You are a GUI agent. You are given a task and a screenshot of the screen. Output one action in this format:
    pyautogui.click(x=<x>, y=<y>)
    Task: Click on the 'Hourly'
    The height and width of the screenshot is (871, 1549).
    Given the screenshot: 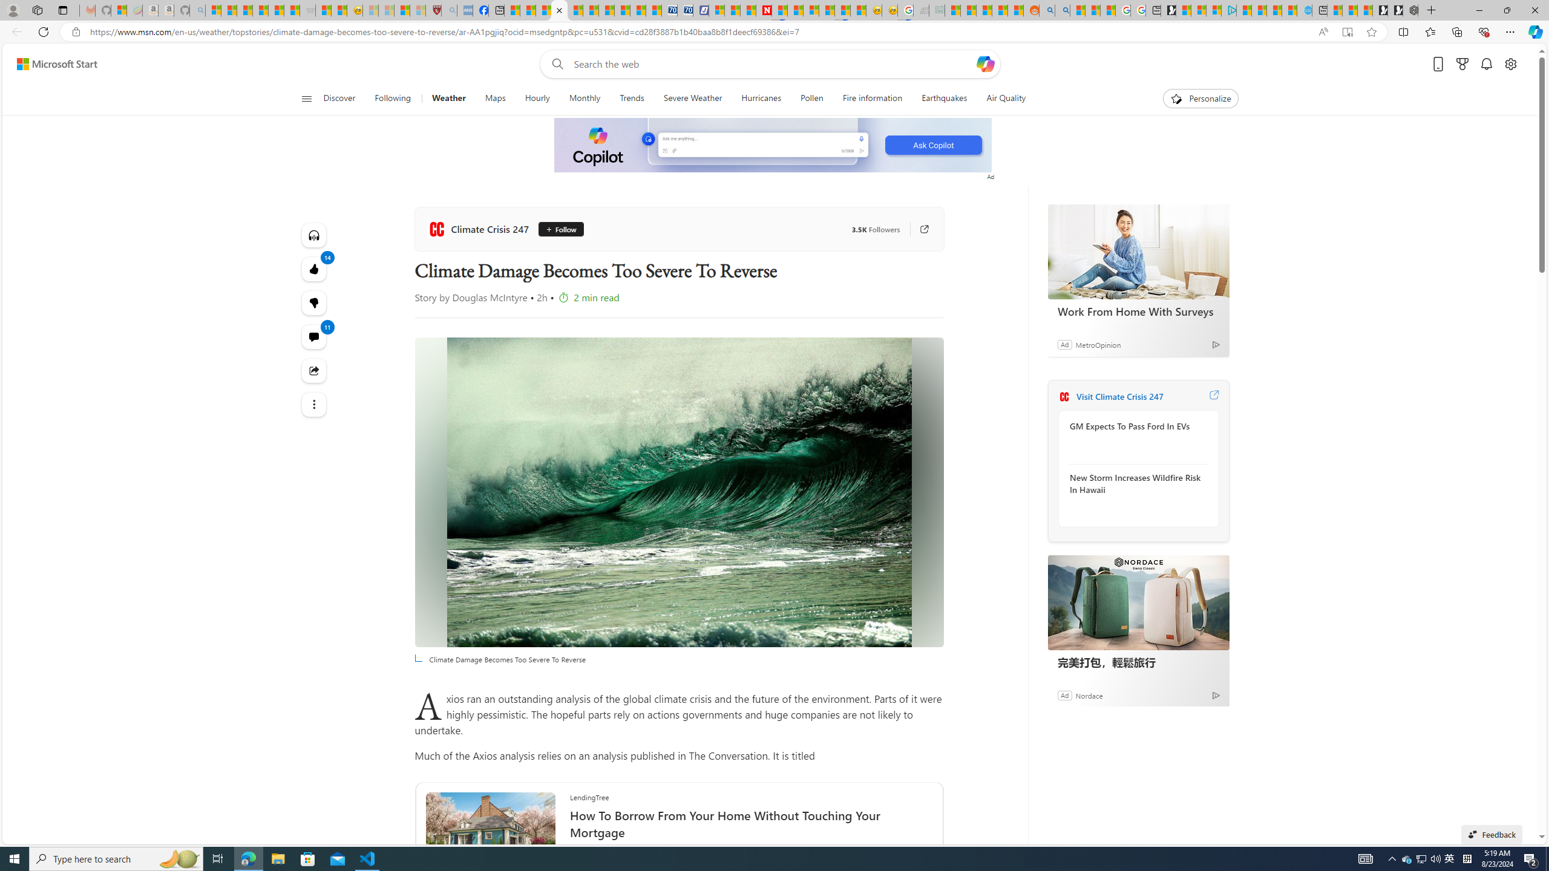 What is the action you would take?
    pyautogui.click(x=536, y=98)
    